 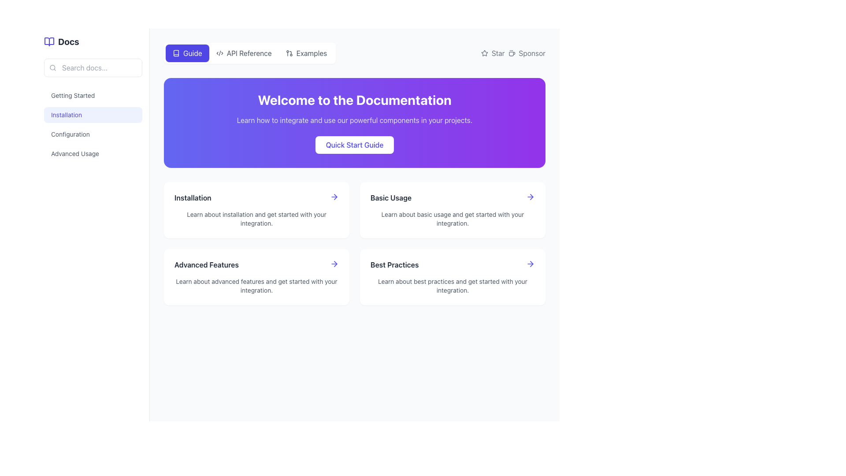 I want to click on the 'API Reference' text label in the navigation bar, so click(x=249, y=53).